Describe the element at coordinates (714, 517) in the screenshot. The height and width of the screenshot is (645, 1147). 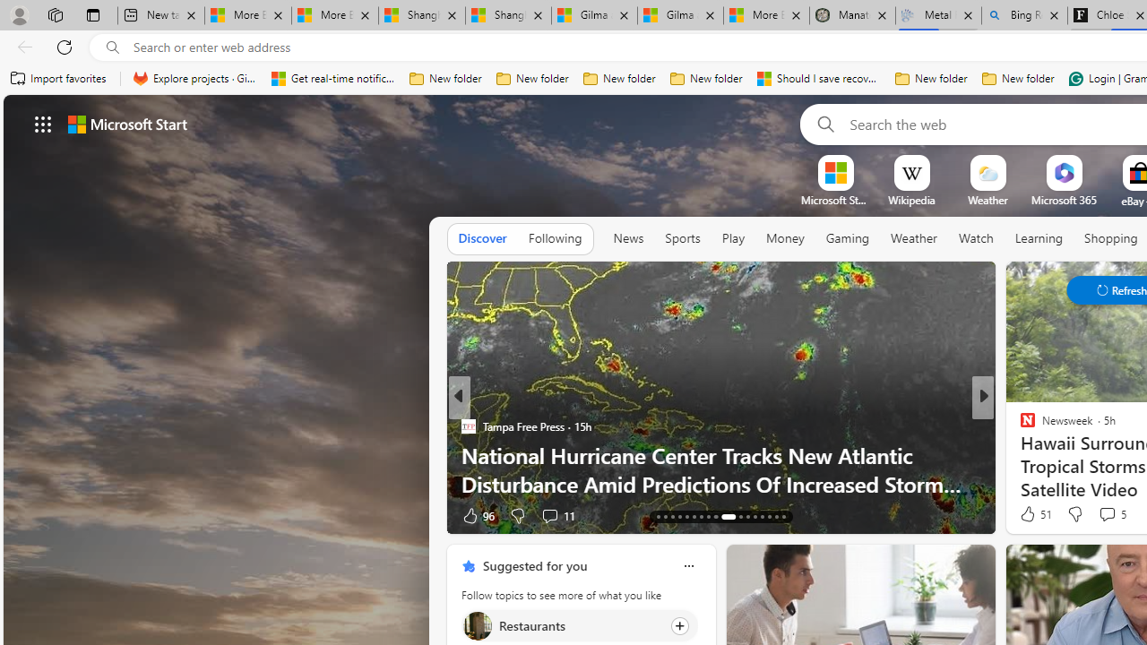
I see `'AutomationID: tab-25'` at that location.